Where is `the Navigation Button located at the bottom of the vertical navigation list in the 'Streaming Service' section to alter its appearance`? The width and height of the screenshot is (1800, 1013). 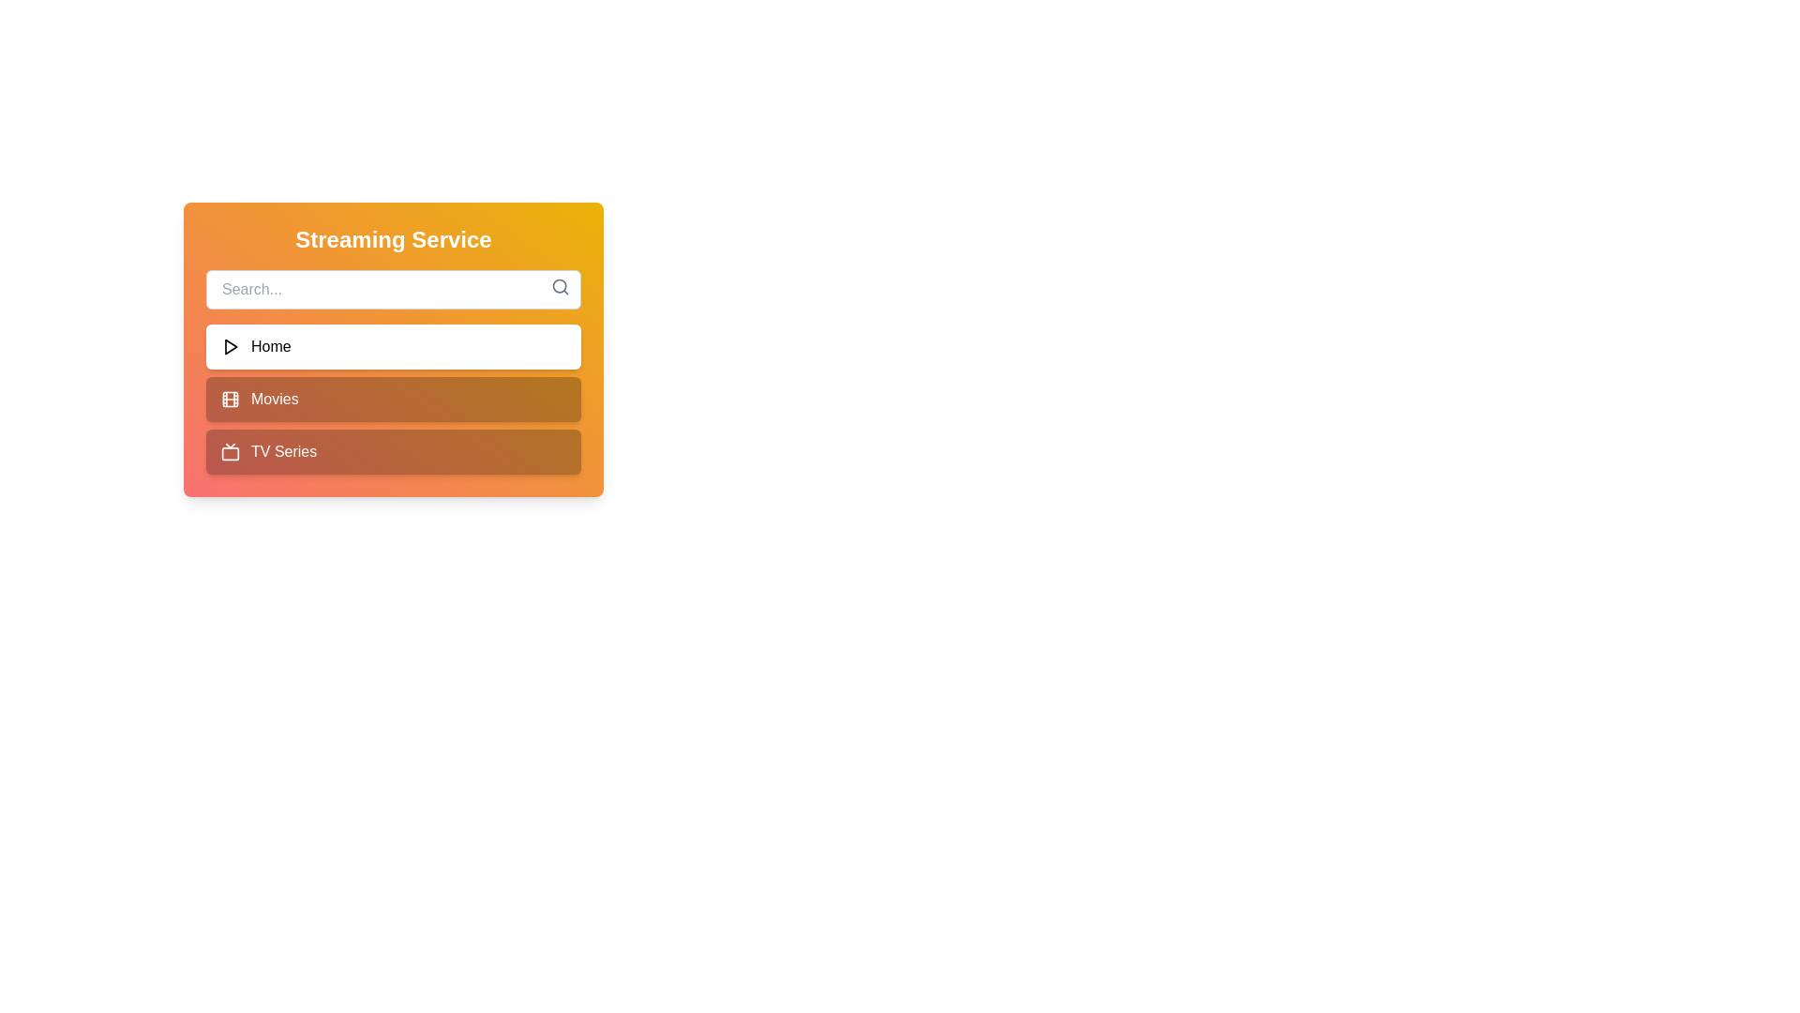 the Navigation Button located at the bottom of the vertical navigation list in the 'Streaming Service' section to alter its appearance is located at coordinates (393, 452).